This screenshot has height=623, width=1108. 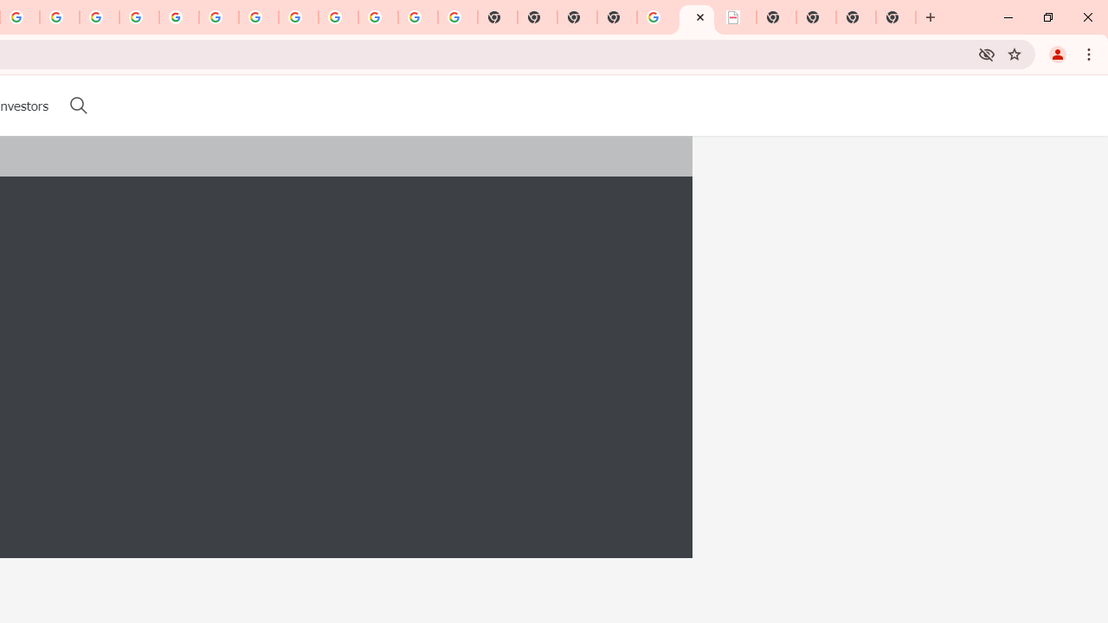 I want to click on 'BAE Systems Brasil | BAE Systems', so click(x=737, y=17).